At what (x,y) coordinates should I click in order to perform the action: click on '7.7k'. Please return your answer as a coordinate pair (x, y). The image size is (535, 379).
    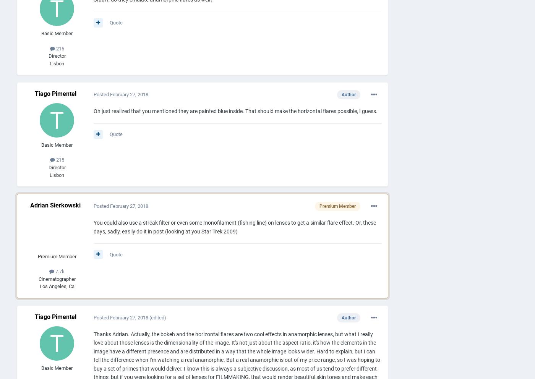
    Looking at the image, I should click on (59, 271).